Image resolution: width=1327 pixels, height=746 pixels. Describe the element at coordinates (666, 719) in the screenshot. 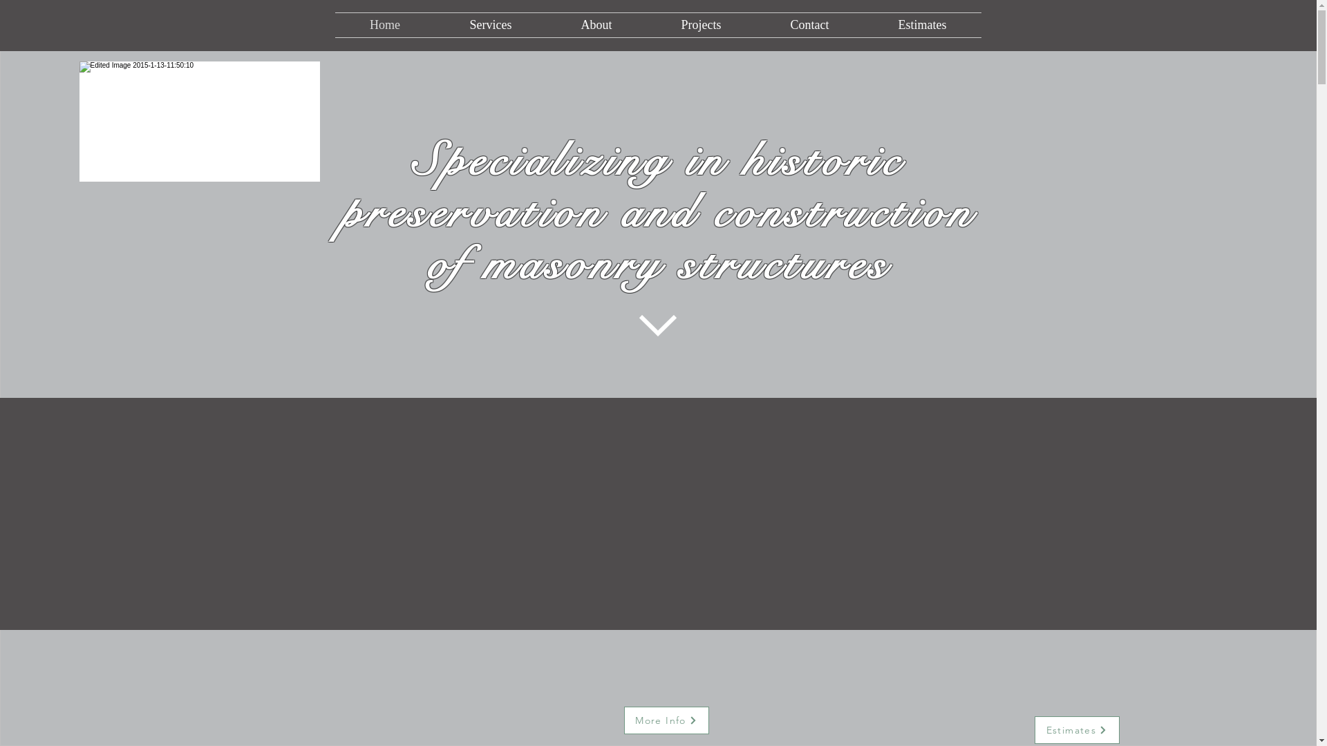

I see `'More Info'` at that location.